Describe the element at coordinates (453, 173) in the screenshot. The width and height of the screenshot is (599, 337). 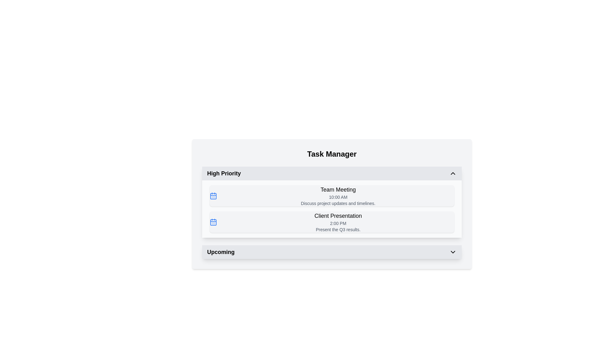
I see `the chevron button located at the top-right corner of the 'High Priority' section` at that location.